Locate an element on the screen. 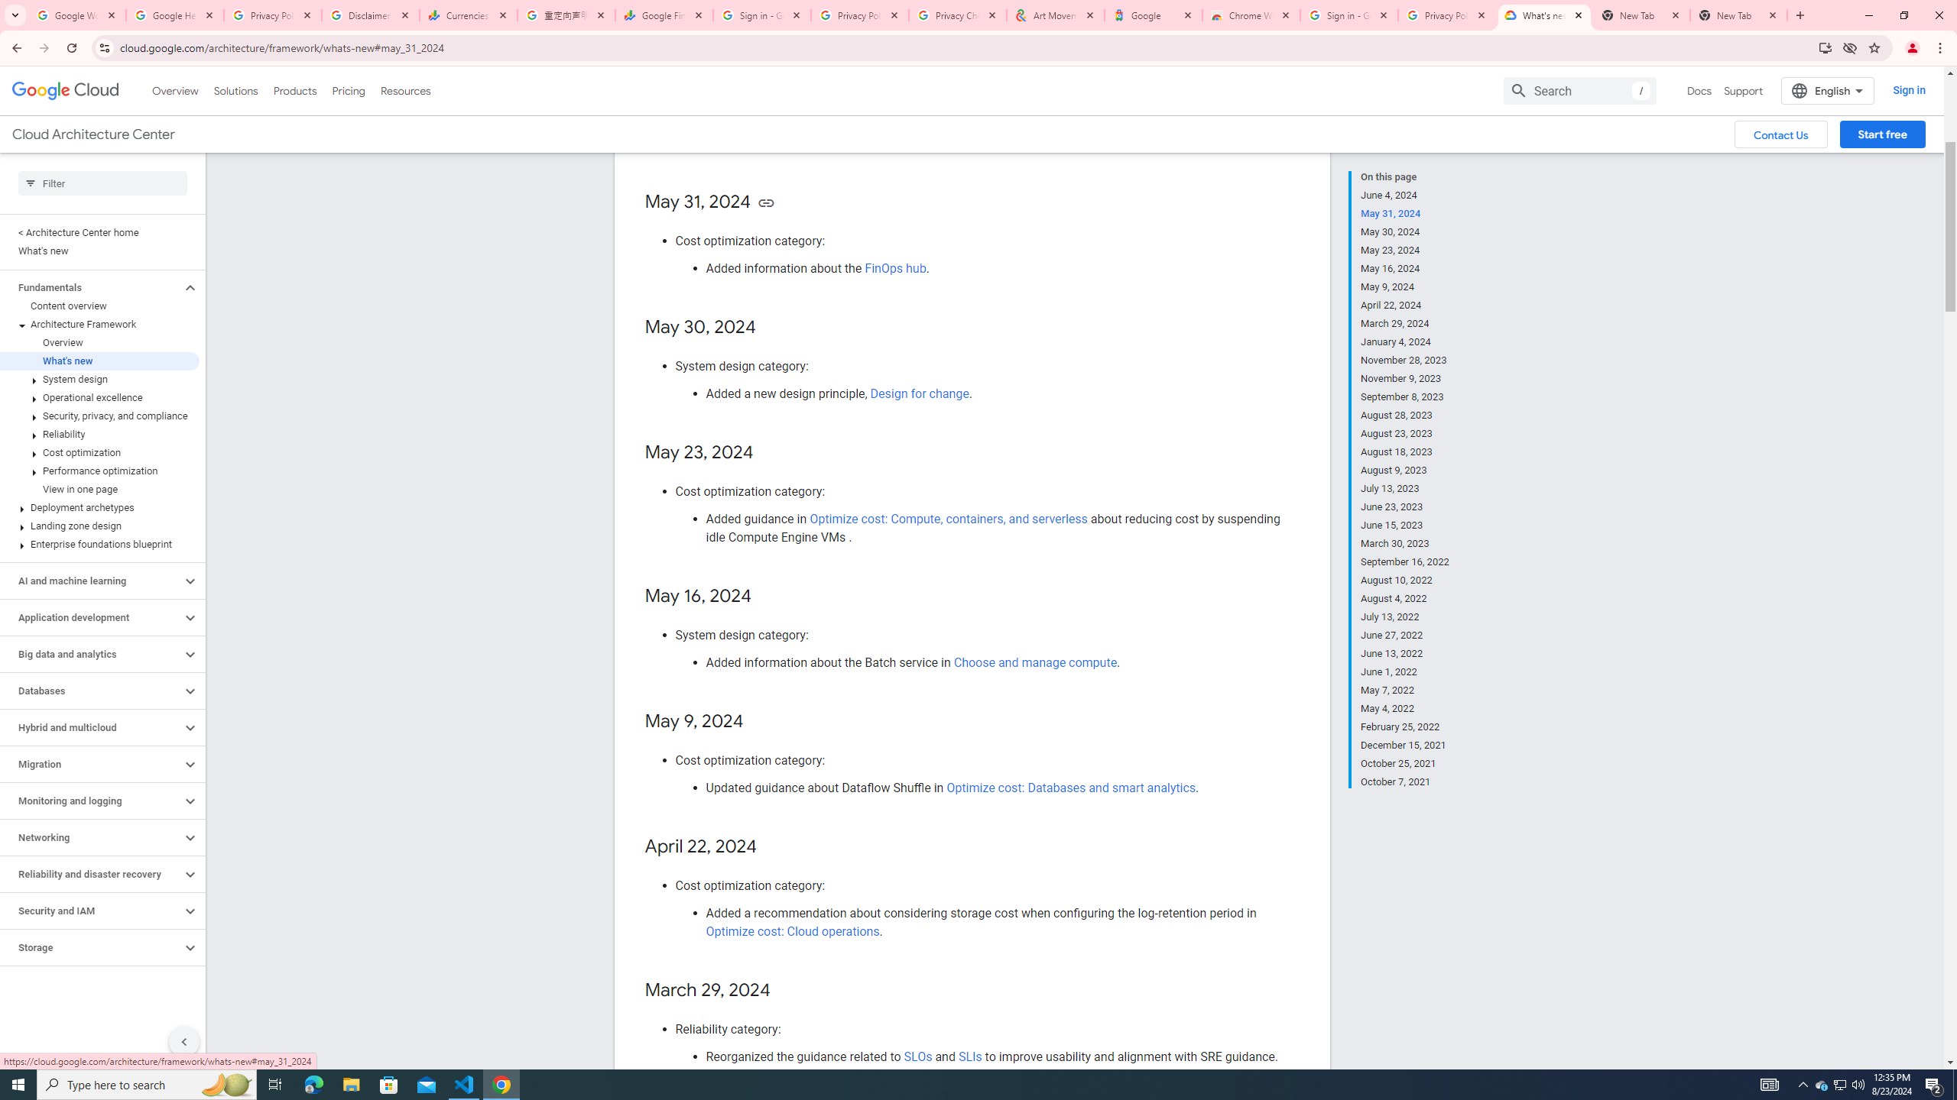  'August 18, 2023' is located at coordinates (1405, 451).